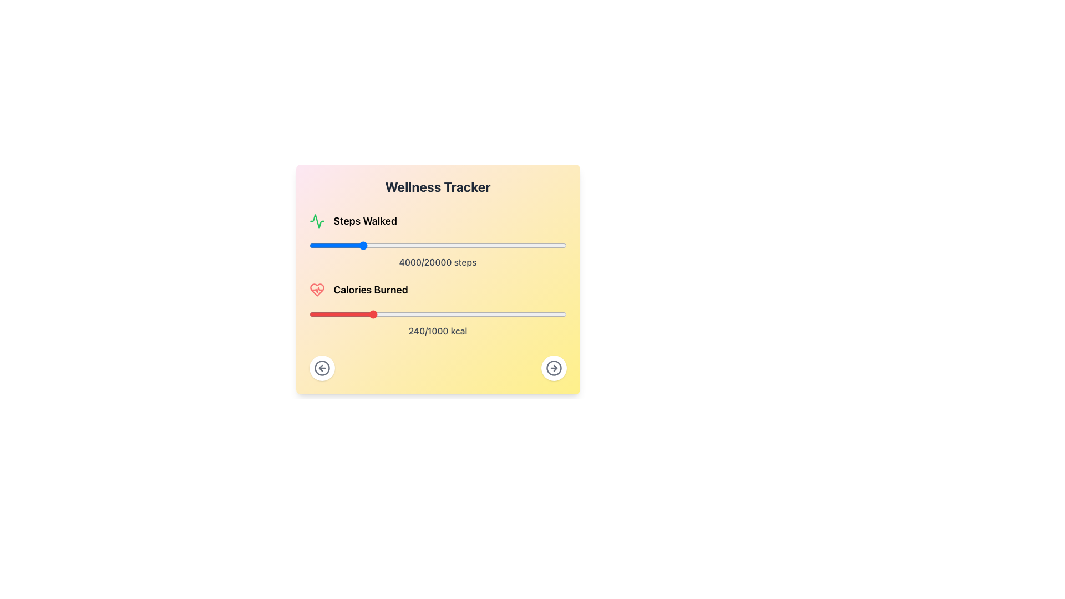 The height and width of the screenshot is (599, 1065). Describe the element at coordinates (554, 368) in the screenshot. I see `the circular button with a right-pointing arrow inside, styled in gray, located at the bottom-right corner of the interface` at that location.